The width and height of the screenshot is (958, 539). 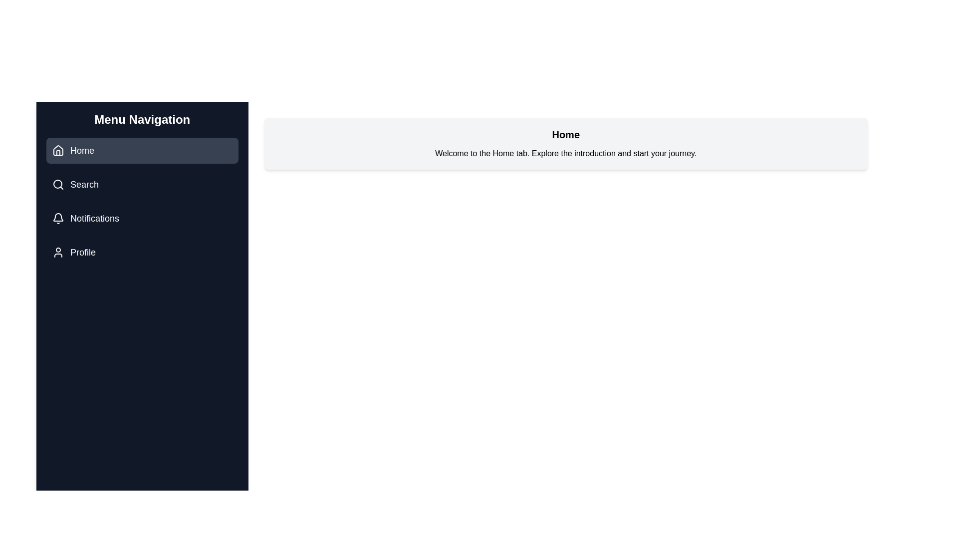 I want to click on the tab labeled Profile to view its content, so click(x=142, y=252).